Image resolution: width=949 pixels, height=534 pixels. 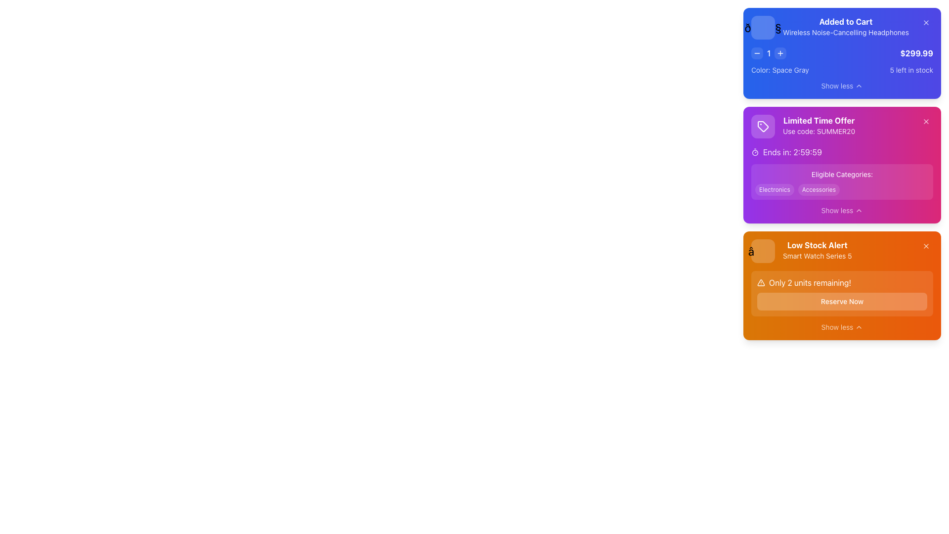 What do you see at coordinates (801, 251) in the screenshot?
I see `informational notification text label indicating a low stock alert for 'Smart Watch Series 5', which is located in a notification box with an orange background` at bounding box center [801, 251].